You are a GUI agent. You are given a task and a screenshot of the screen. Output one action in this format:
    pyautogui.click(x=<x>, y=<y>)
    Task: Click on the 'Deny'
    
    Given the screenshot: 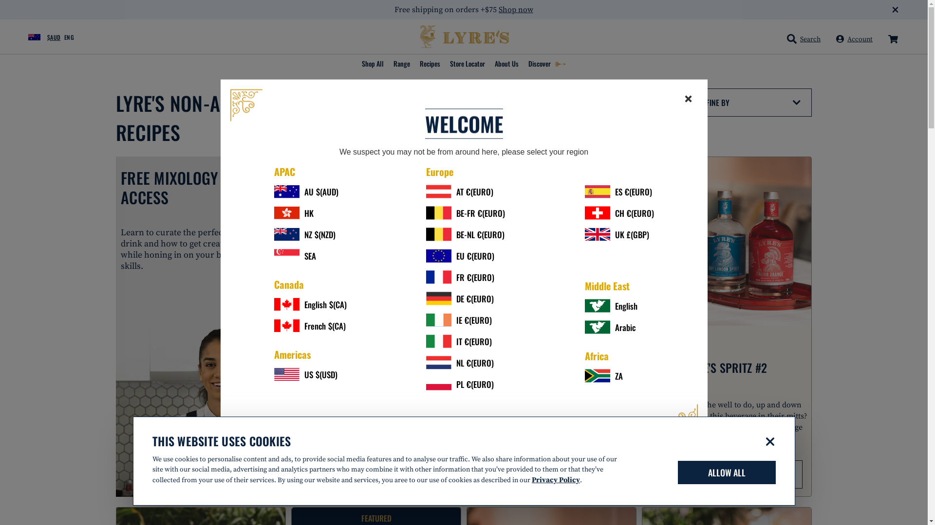 What is the action you would take?
    pyautogui.click(x=769, y=441)
    